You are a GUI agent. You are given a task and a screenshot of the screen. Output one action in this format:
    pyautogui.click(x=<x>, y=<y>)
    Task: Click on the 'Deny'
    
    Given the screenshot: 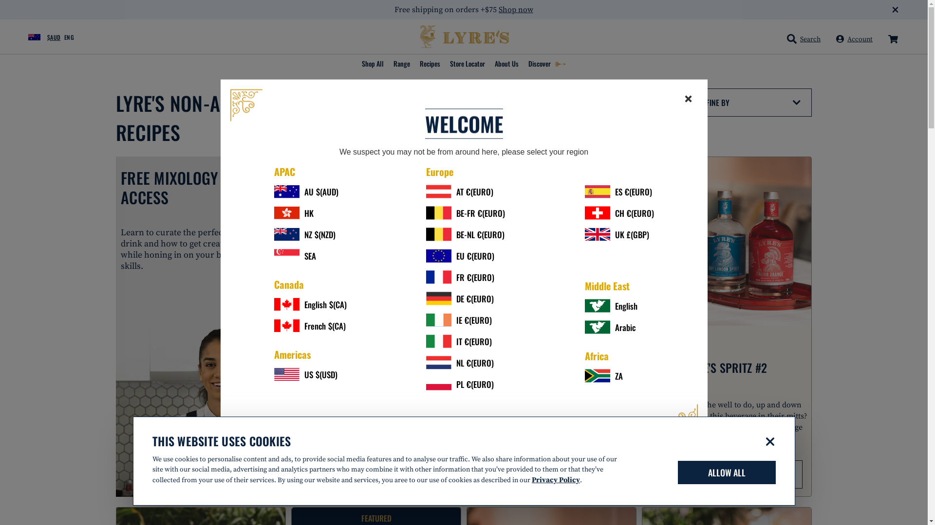 What is the action you would take?
    pyautogui.click(x=769, y=441)
    